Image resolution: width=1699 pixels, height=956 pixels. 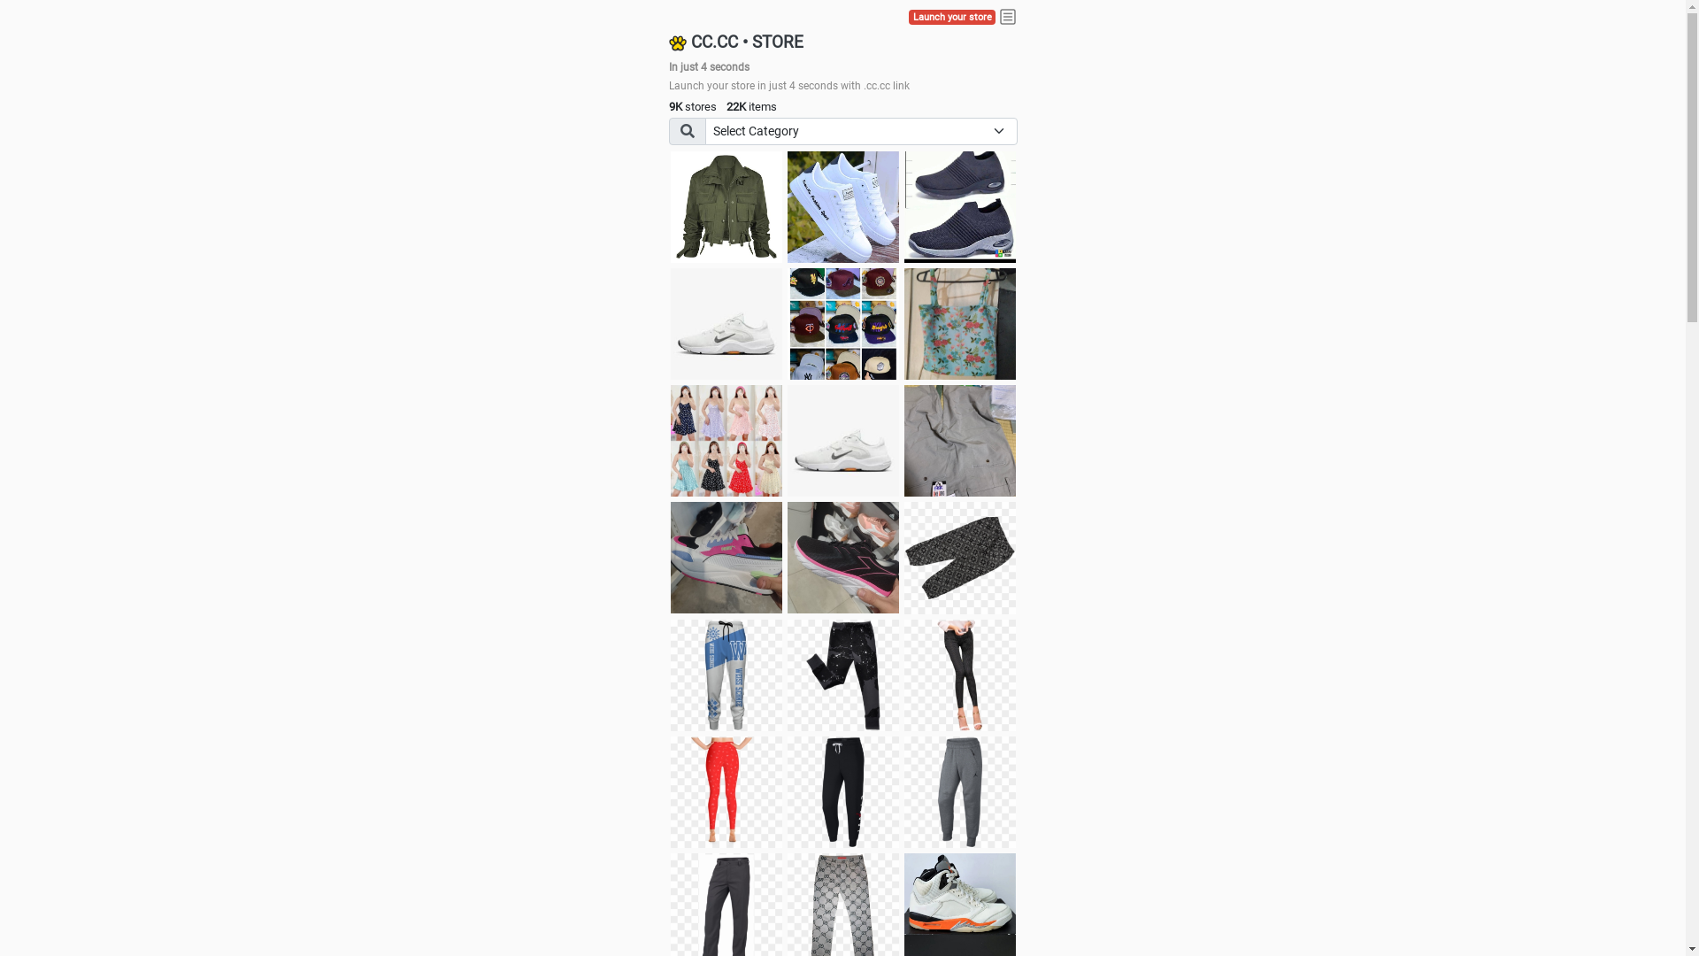 I want to click on 'Shoes', so click(x=842, y=439).